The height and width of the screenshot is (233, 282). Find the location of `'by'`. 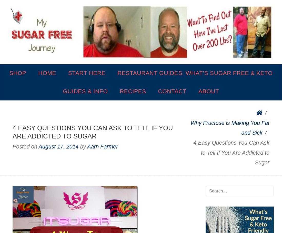

'by' is located at coordinates (82, 146).